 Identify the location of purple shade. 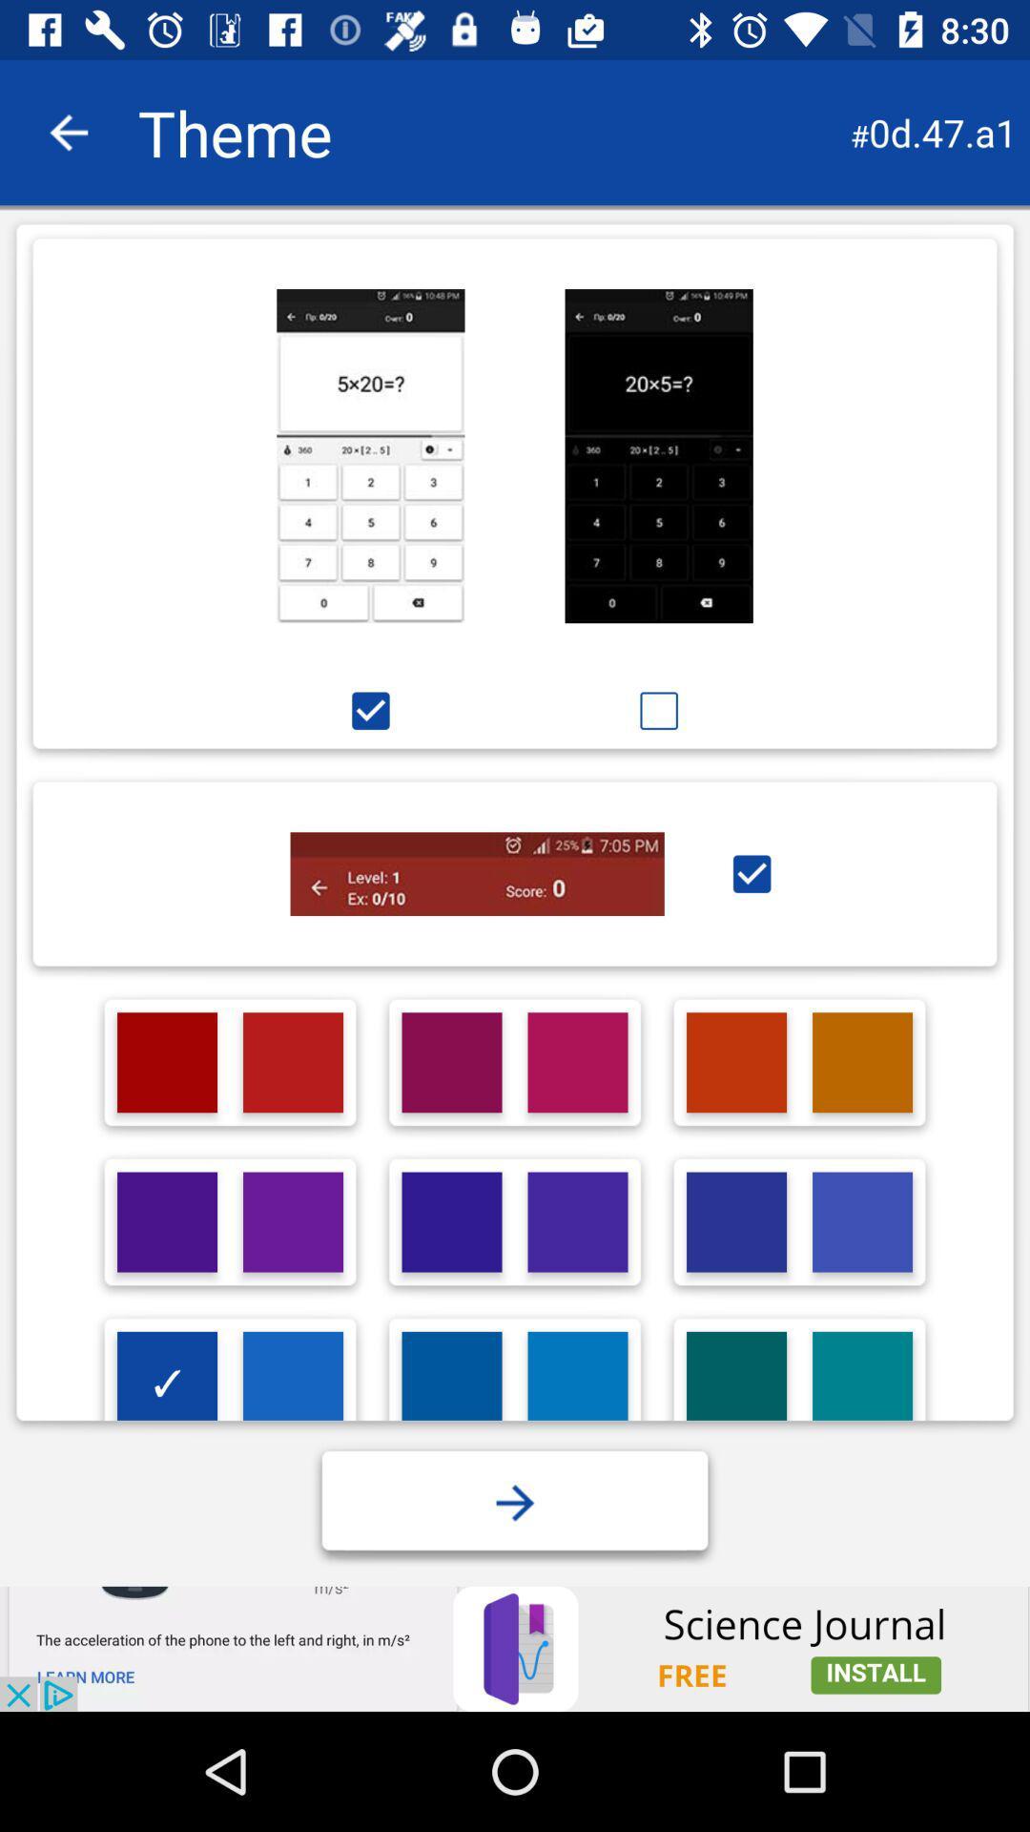
(293, 1222).